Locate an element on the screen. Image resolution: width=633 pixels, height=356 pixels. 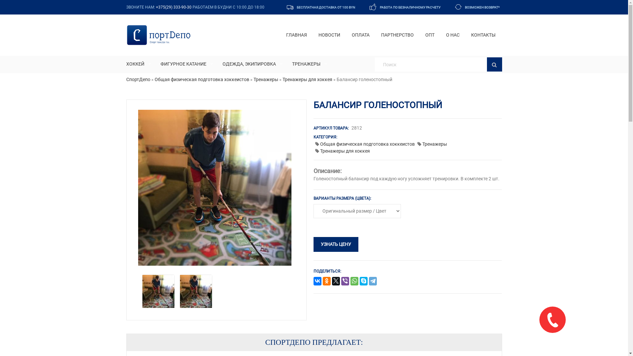
'Viber' is located at coordinates (341, 281).